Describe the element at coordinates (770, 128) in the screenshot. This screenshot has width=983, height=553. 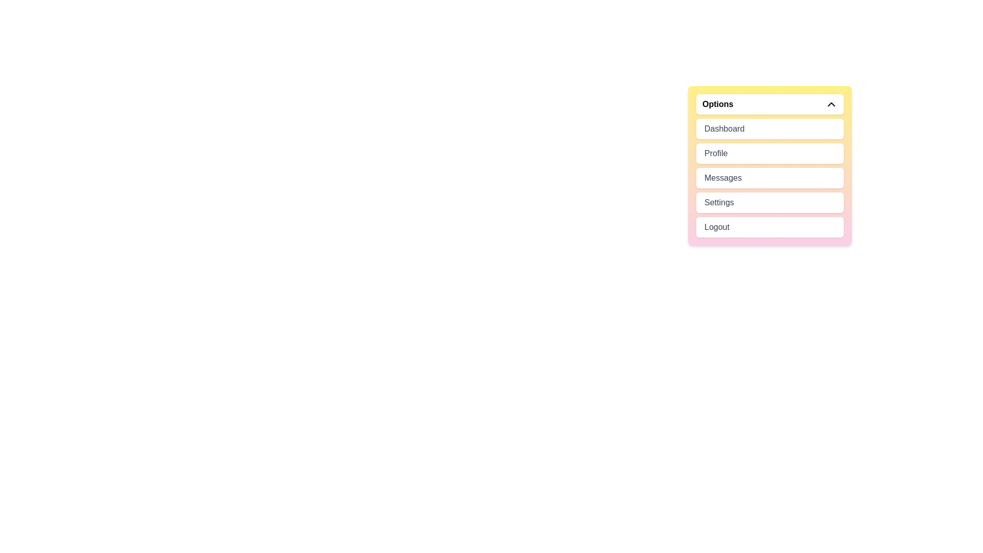
I see `the menu item Dashboard to highlight it` at that location.